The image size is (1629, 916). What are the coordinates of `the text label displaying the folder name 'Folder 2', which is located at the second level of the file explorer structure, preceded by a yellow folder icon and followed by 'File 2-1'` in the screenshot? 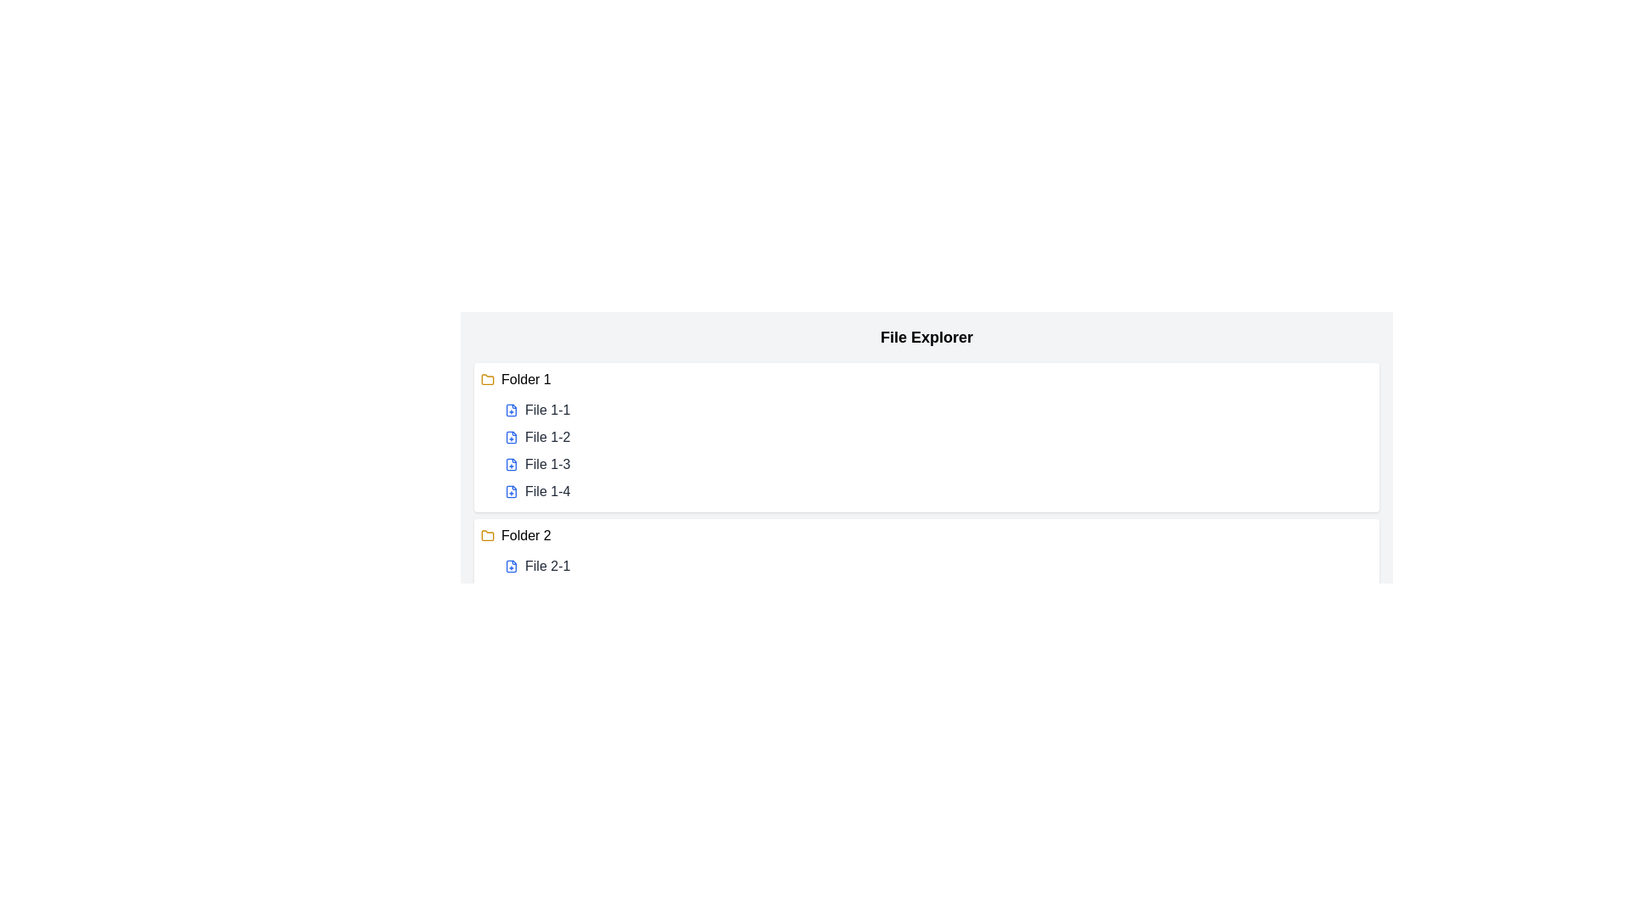 It's located at (525, 536).